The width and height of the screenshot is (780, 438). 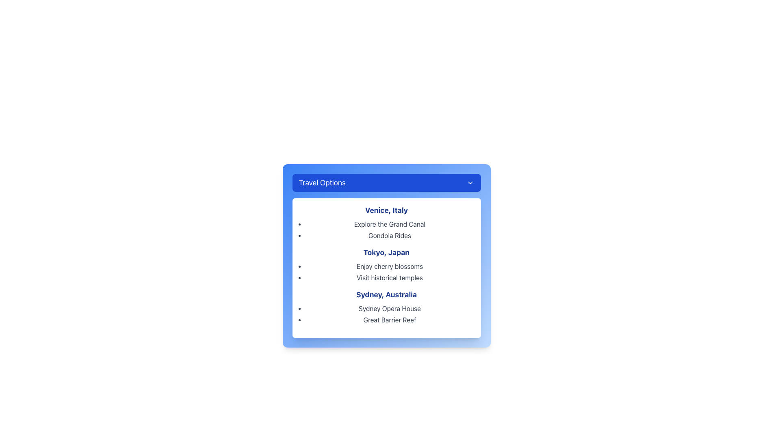 I want to click on the third group in the list of attractions which includes key information about Sydney, Australia, so click(x=386, y=307).